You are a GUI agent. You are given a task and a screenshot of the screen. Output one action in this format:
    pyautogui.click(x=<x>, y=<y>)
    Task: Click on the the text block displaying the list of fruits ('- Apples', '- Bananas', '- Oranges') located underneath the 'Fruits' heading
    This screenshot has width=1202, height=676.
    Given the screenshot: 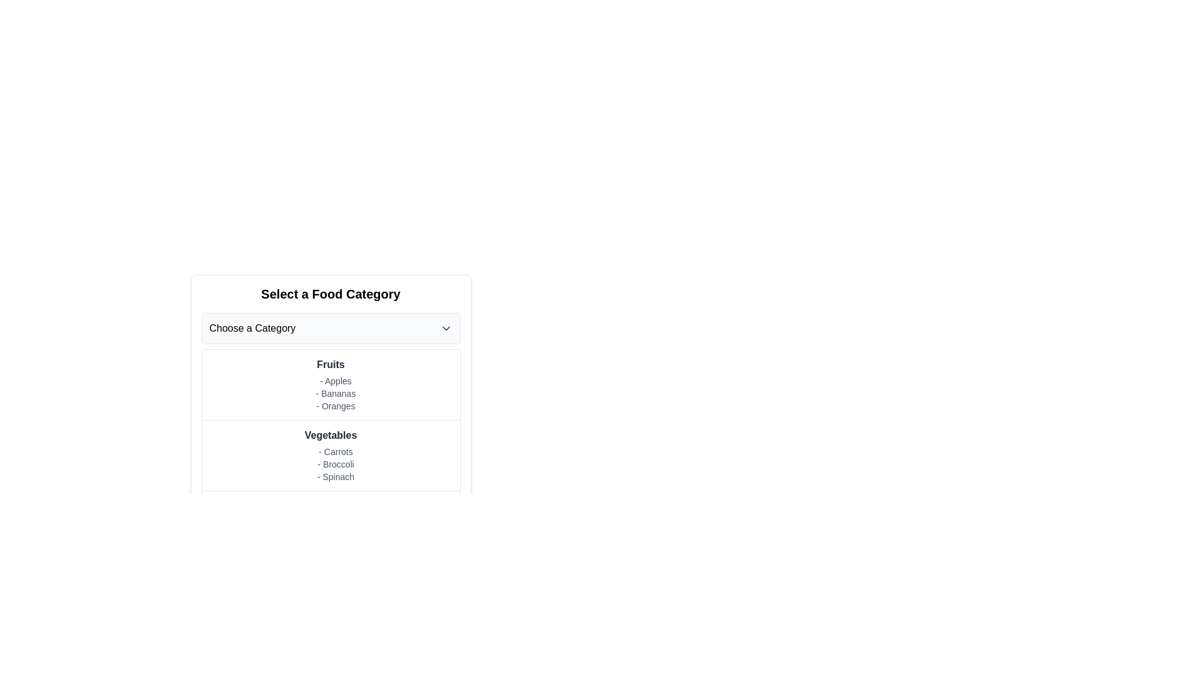 What is the action you would take?
    pyautogui.click(x=331, y=392)
    